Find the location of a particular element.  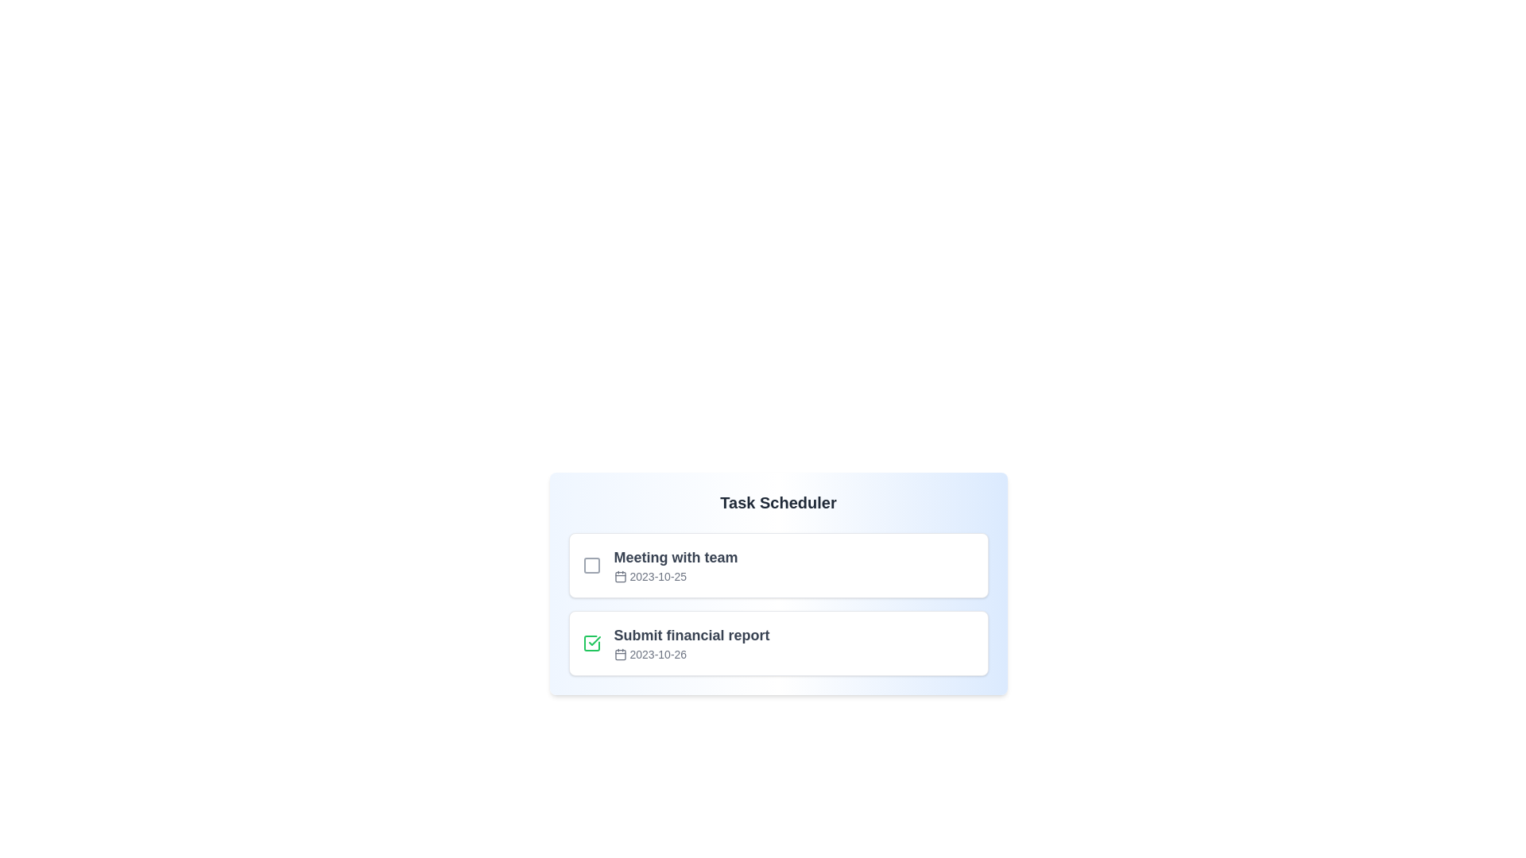

date displayed in small gray font, which is positioned below the task titled 'Meeting with team' and next to a calendar icon is located at coordinates (676, 576).